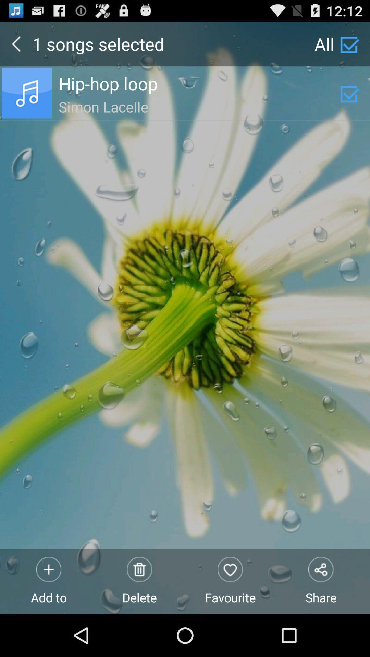  What do you see at coordinates (139, 581) in the screenshot?
I see `item next to the add to app` at bounding box center [139, 581].